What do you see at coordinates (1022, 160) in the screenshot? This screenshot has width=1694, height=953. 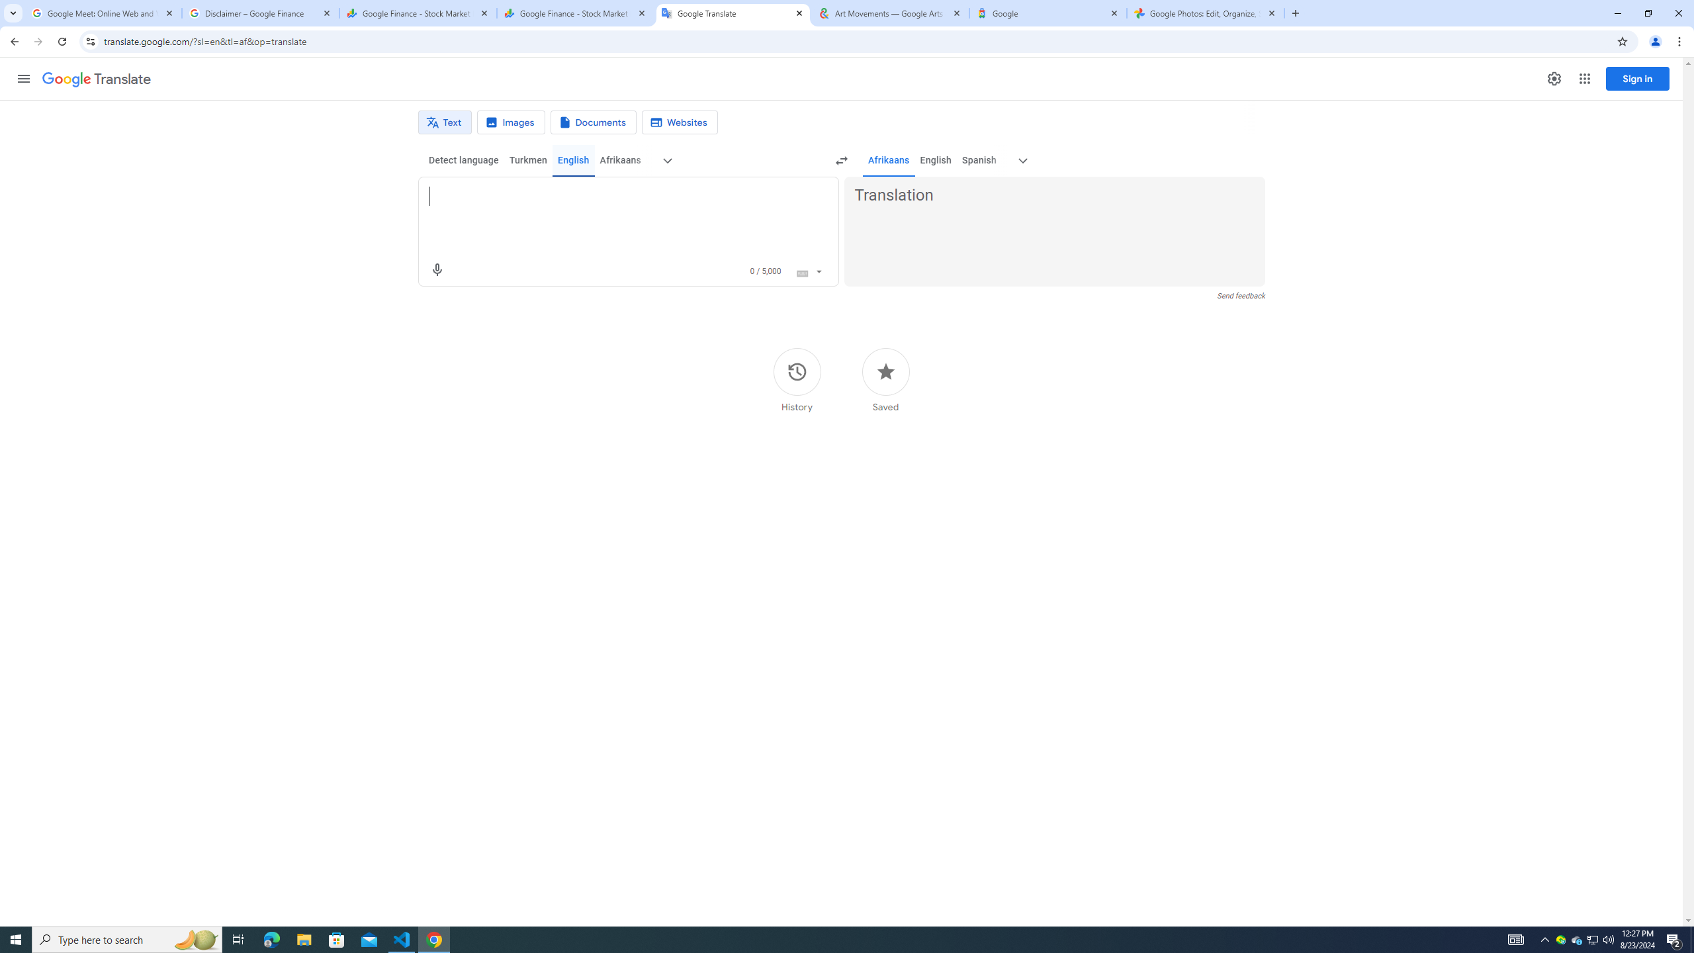 I see `'More target languages'` at bounding box center [1022, 160].